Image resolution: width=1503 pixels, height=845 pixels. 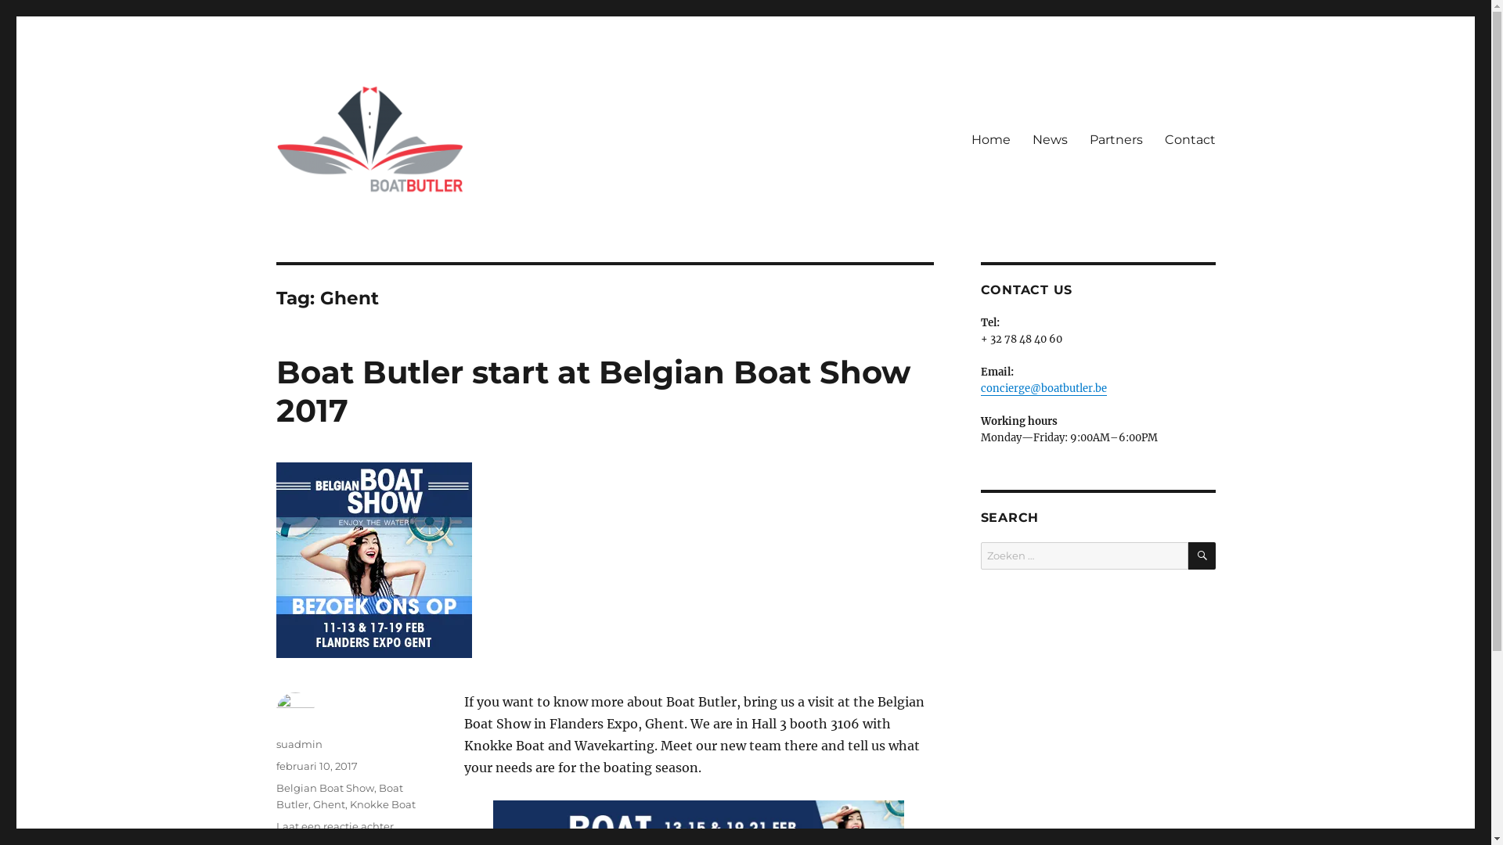 I want to click on 'Partners', so click(x=1115, y=138).